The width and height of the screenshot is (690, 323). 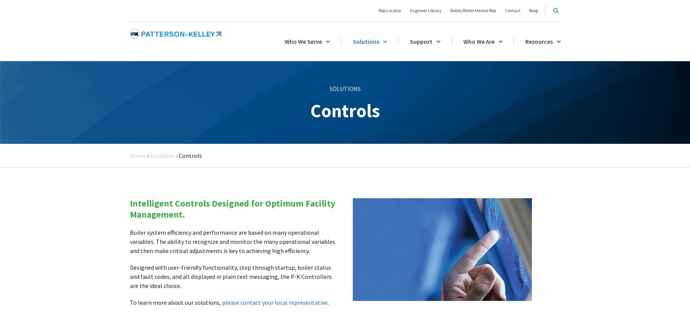 What do you see at coordinates (274, 301) in the screenshot?
I see `'please contact your local representative'` at bounding box center [274, 301].